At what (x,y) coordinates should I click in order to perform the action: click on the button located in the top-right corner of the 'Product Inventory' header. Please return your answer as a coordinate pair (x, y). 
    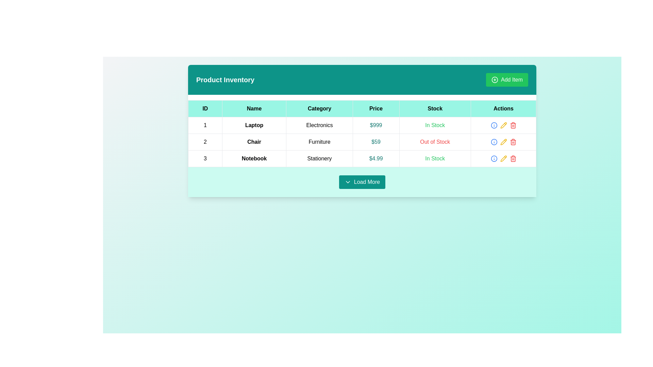
    Looking at the image, I should click on (507, 80).